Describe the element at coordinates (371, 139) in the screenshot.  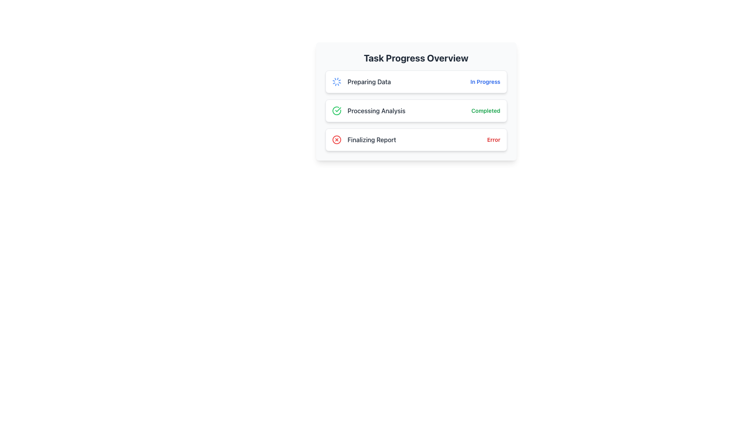
I see `the static text element displaying 'Finalizing Report', which is positioned under the 'Task Progress Overview' heading as the label for the third task in the list` at that location.